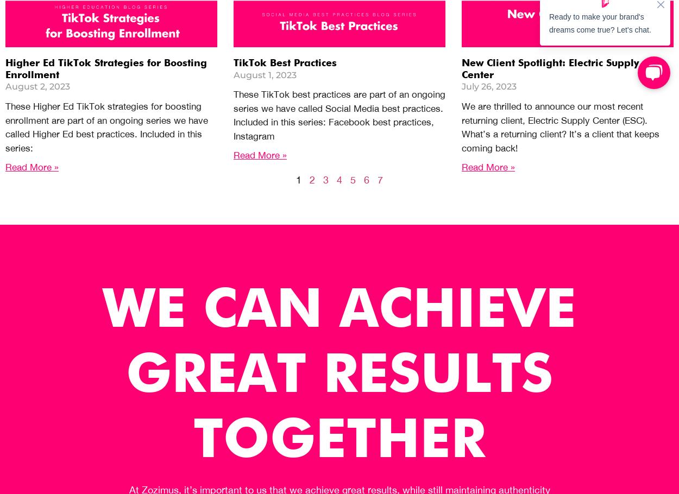 This screenshot has height=494, width=679. What do you see at coordinates (561, 126) in the screenshot?
I see `'We are thrilled to announce our most recent returning client, Electric Supply Center (ESC). What’s a returning client? It’s a client that keeps coming back!'` at bounding box center [561, 126].